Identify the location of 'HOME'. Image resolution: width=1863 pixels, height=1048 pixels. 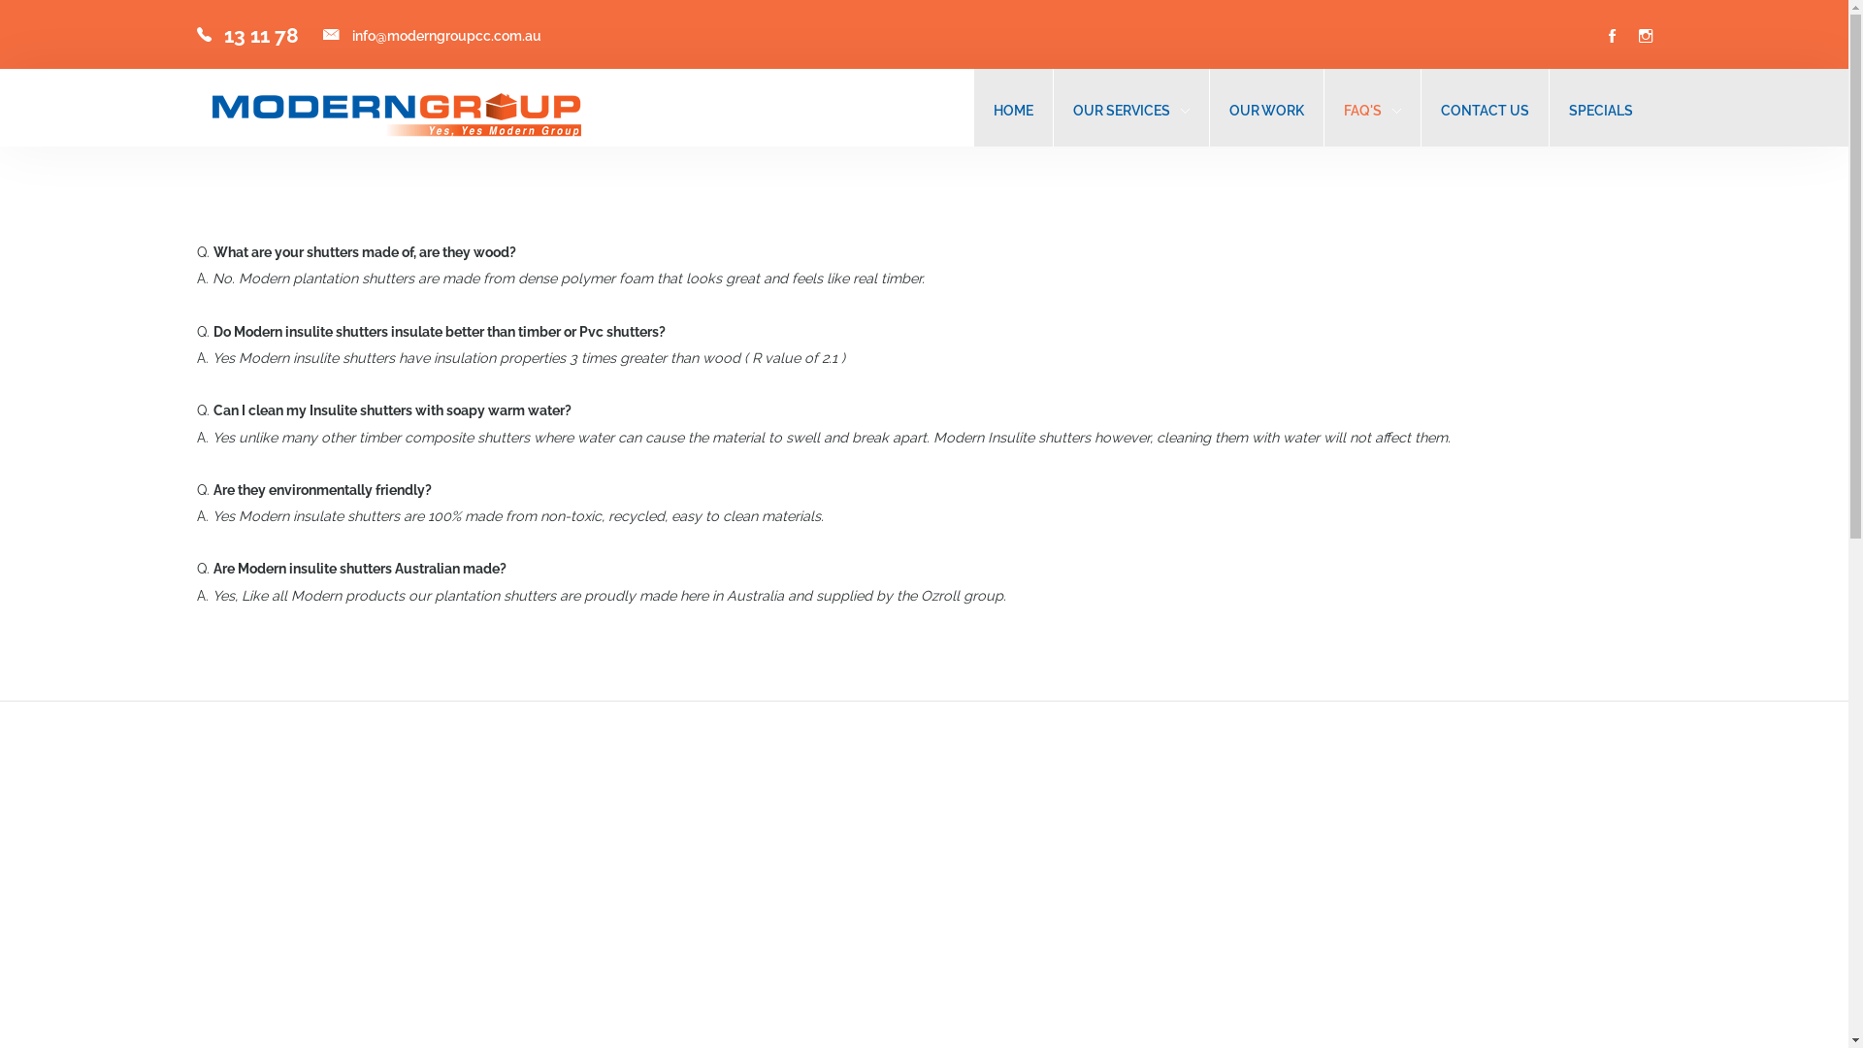
(1012, 110).